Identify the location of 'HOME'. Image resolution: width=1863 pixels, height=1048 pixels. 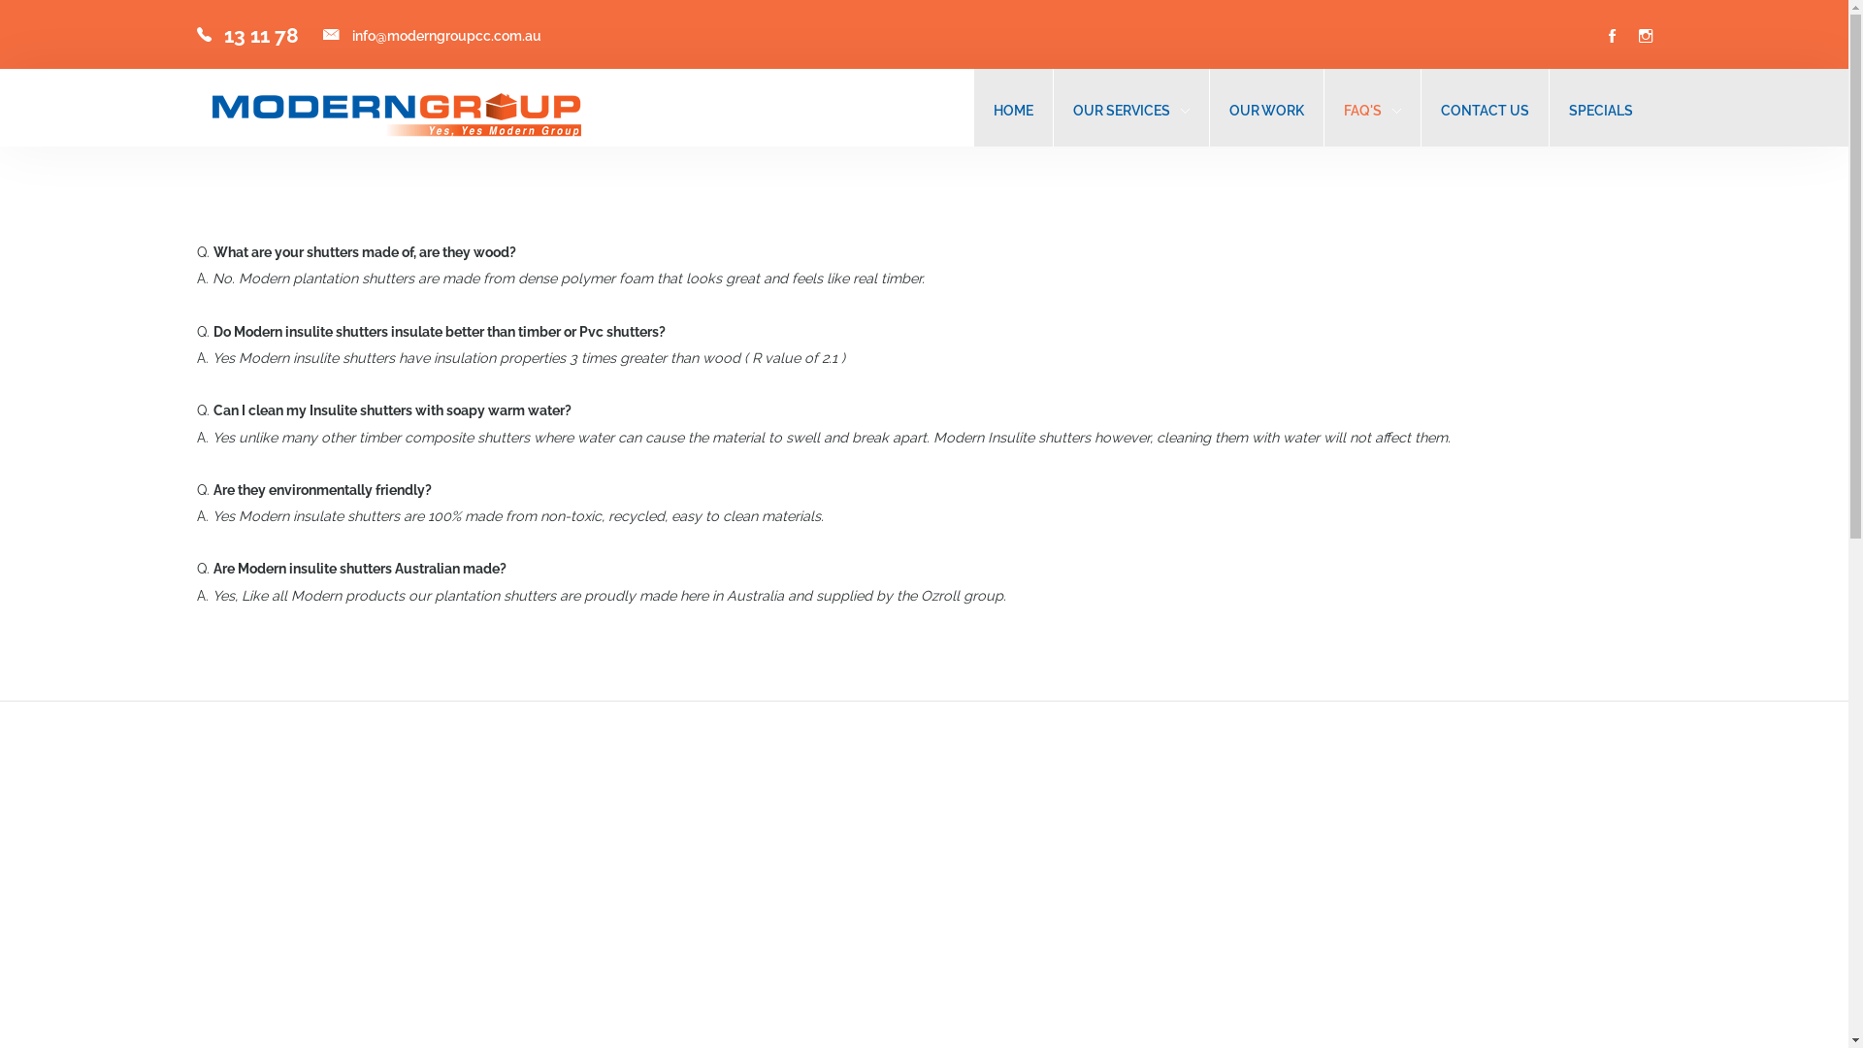
(1012, 110).